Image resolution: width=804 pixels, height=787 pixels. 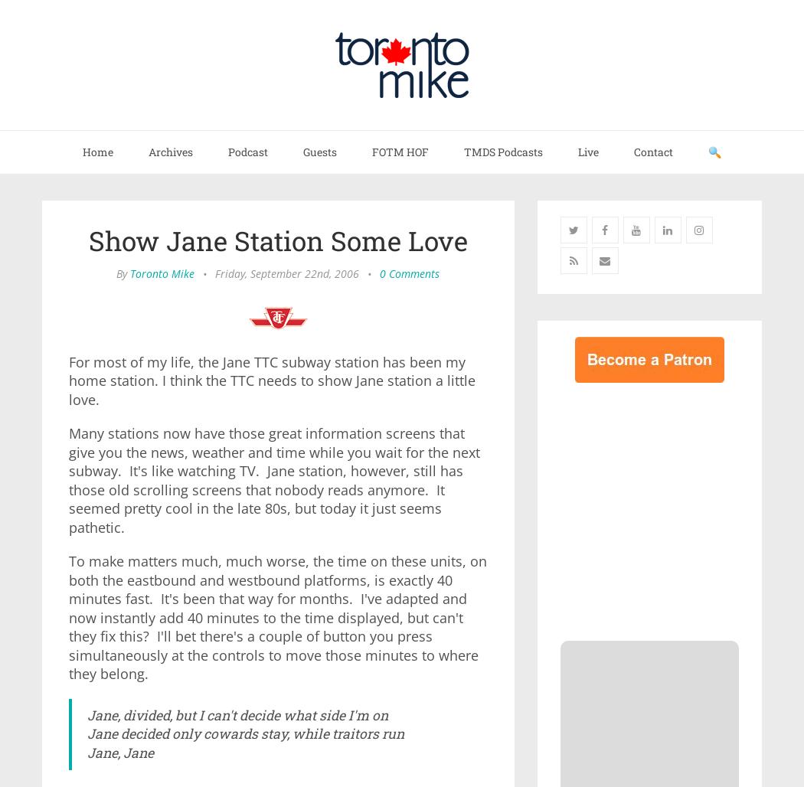 What do you see at coordinates (634, 151) in the screenshot?
I see `'Contact'` at bounding box center [634, 151].